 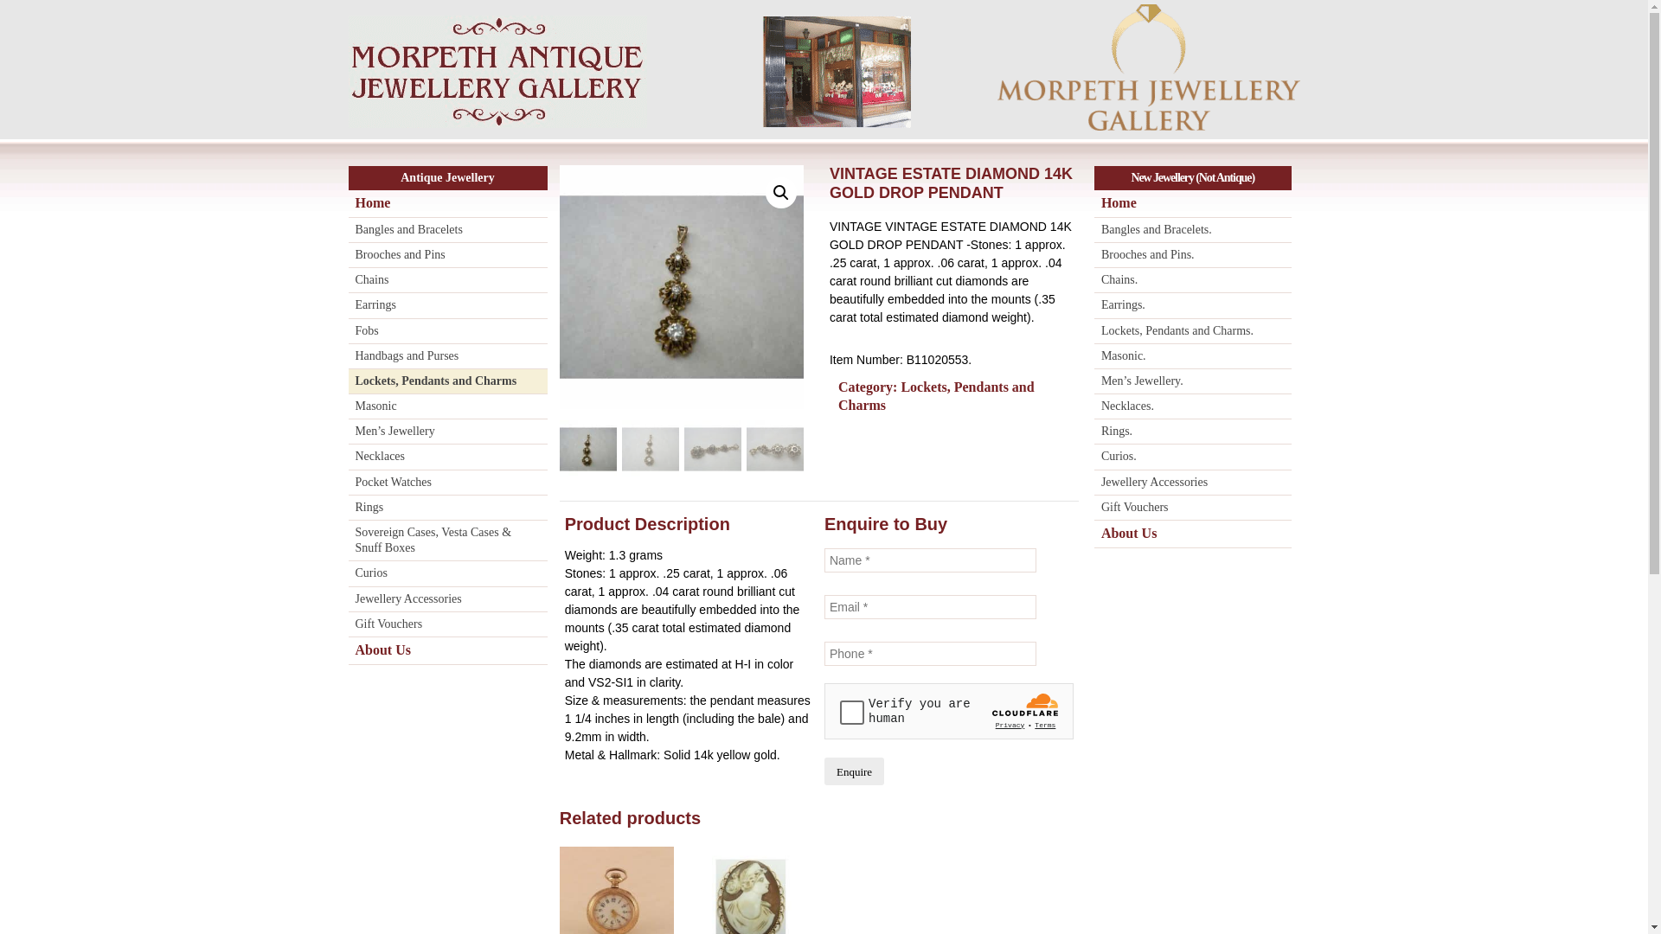 I want to click on 'About Us', so click(x=447, y=650).